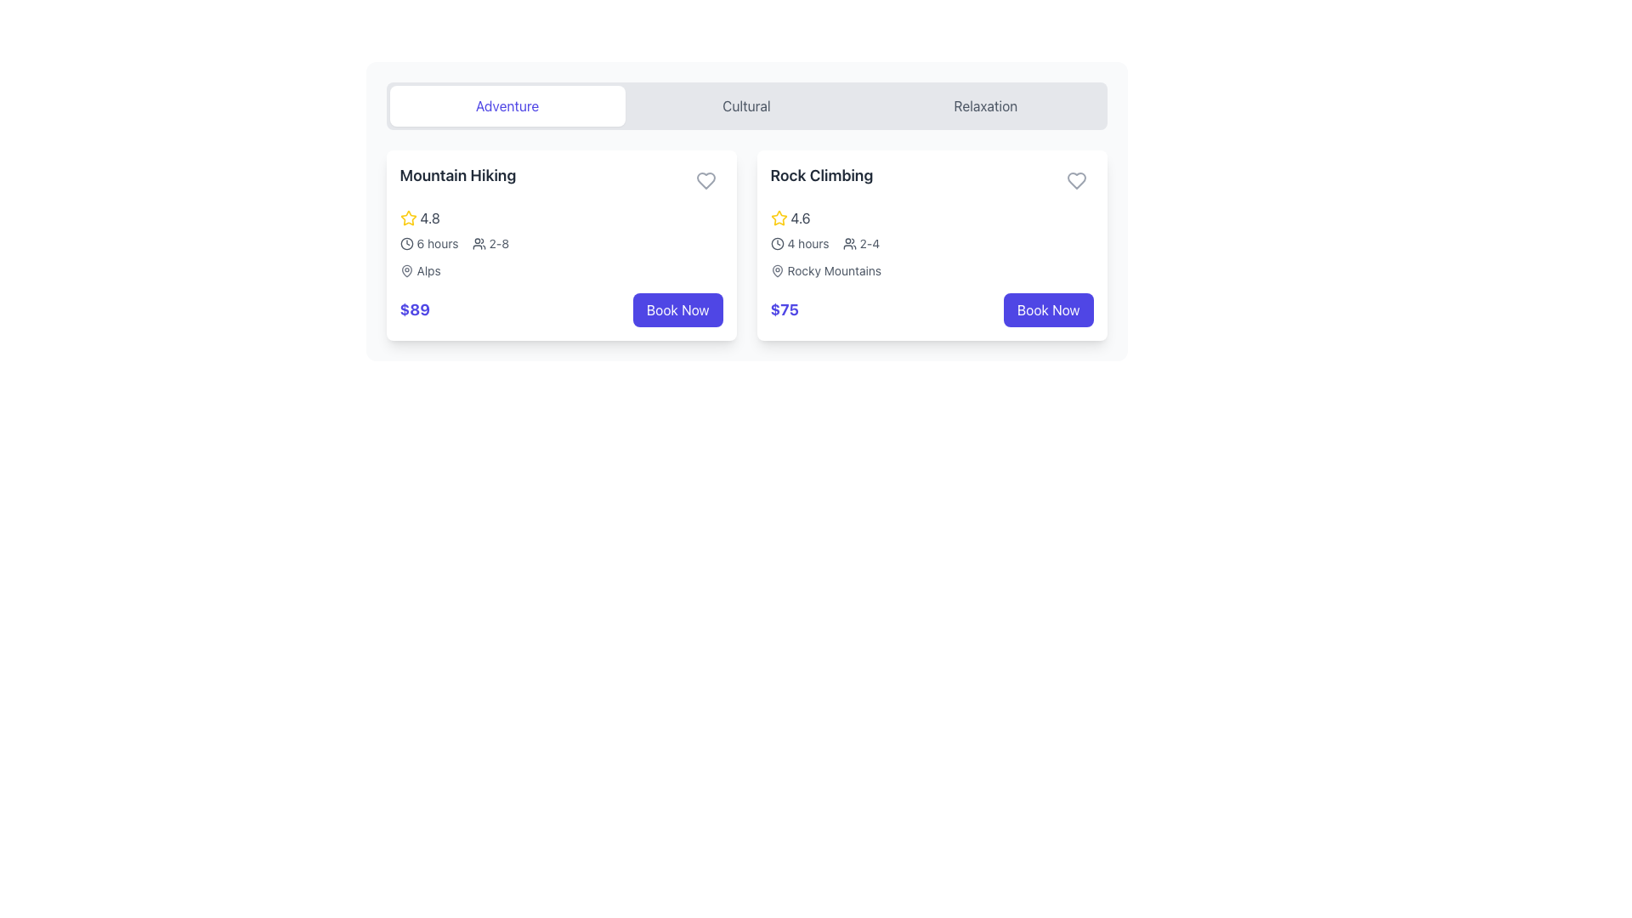  I want to click on the static text element that displays the duration of the 'Mountain Hiking' activity, located to the right of a small clock icon, so click(437, 243).